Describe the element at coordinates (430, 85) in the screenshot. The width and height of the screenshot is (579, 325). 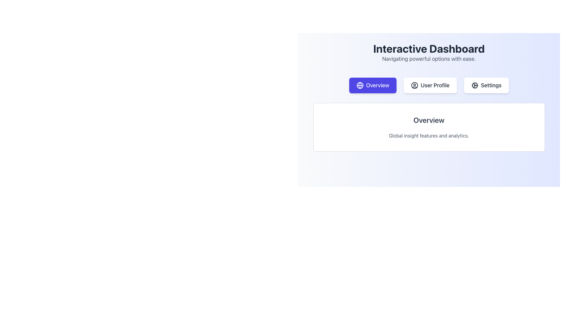
I see `the 'User Profile' button, which is the second button among three horizontally aligned buttons, to activate the hover effect` at that location.